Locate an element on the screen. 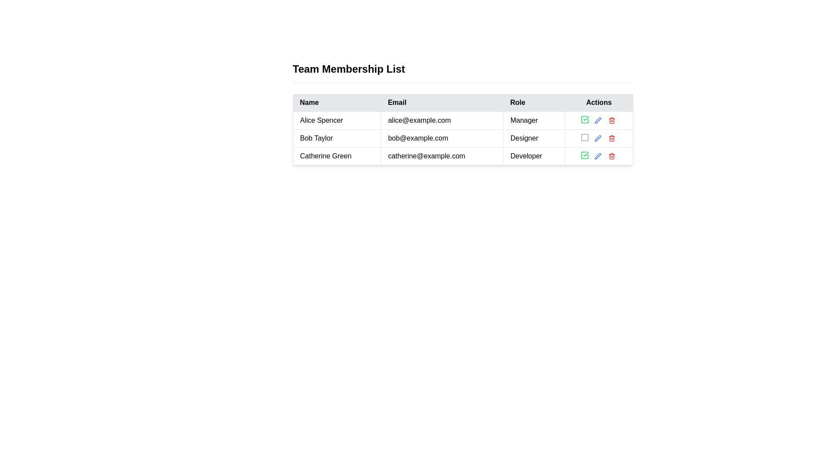 Image resolution: width=835 pixels, height=470 pixels. the edit button located in the 'Actions' column, second from the left, in the topmost row of the table is located at coordinates (598, 121).